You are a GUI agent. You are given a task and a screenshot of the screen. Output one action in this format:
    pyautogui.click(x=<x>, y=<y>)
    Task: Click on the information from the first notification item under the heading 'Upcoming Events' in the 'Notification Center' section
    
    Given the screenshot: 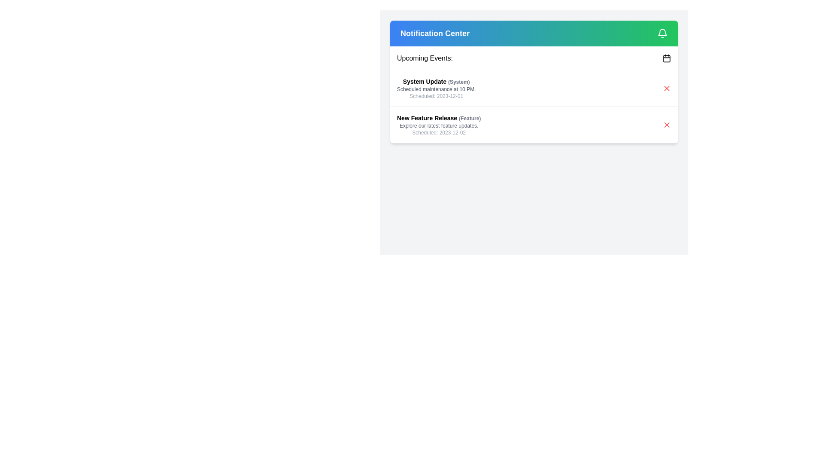 What is the action you would take?
    pyautogui.click(x=436, y=88)
    